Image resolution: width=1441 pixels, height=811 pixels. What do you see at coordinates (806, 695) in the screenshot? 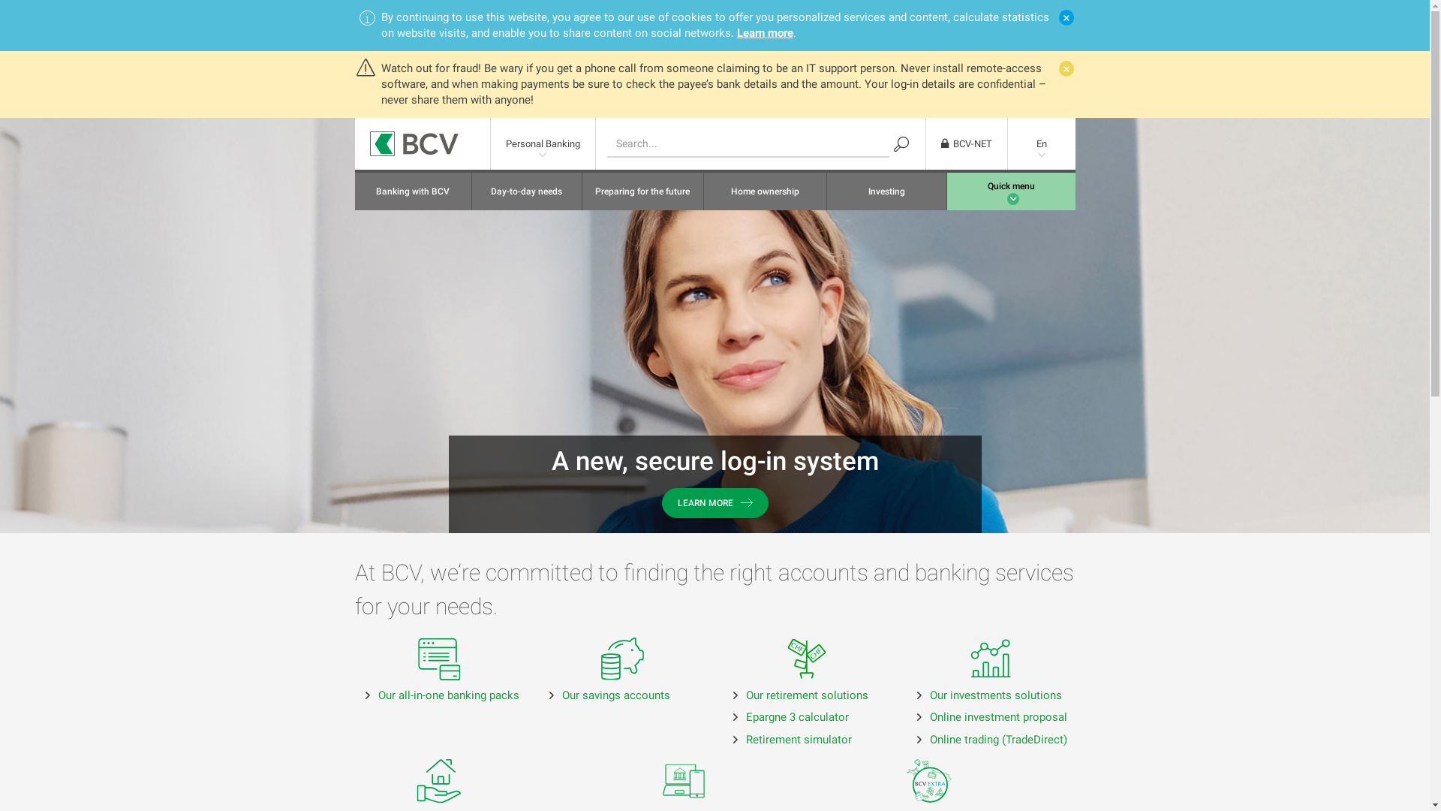
I see `'Our retirement solutions'` at bounding box center [806, 695].